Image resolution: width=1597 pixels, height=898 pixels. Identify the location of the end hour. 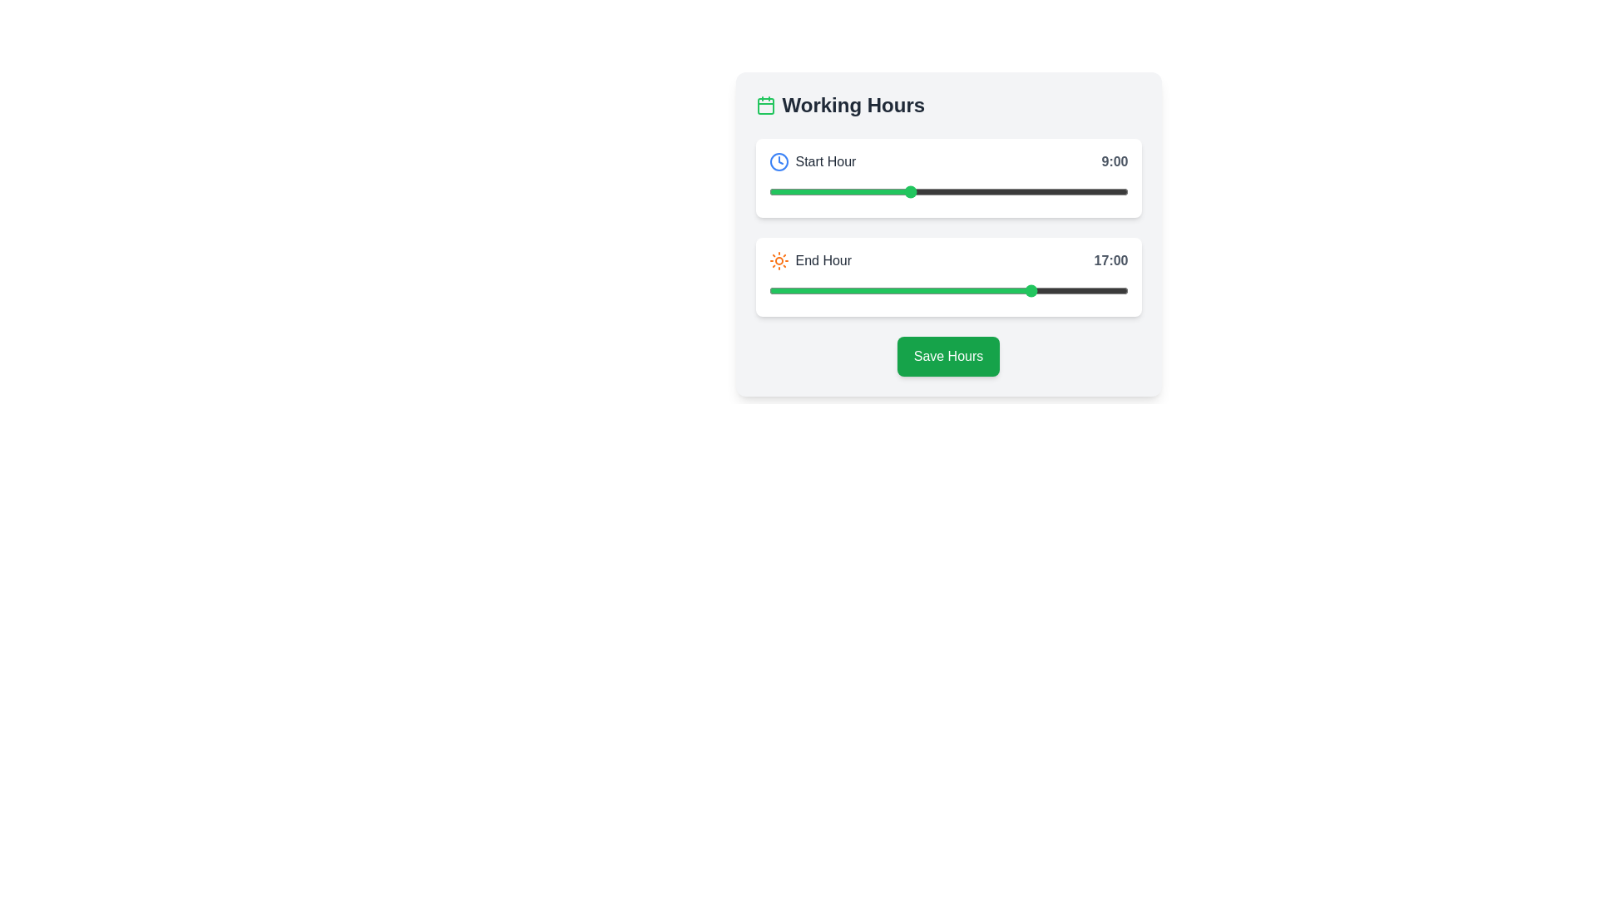
(847, 290).